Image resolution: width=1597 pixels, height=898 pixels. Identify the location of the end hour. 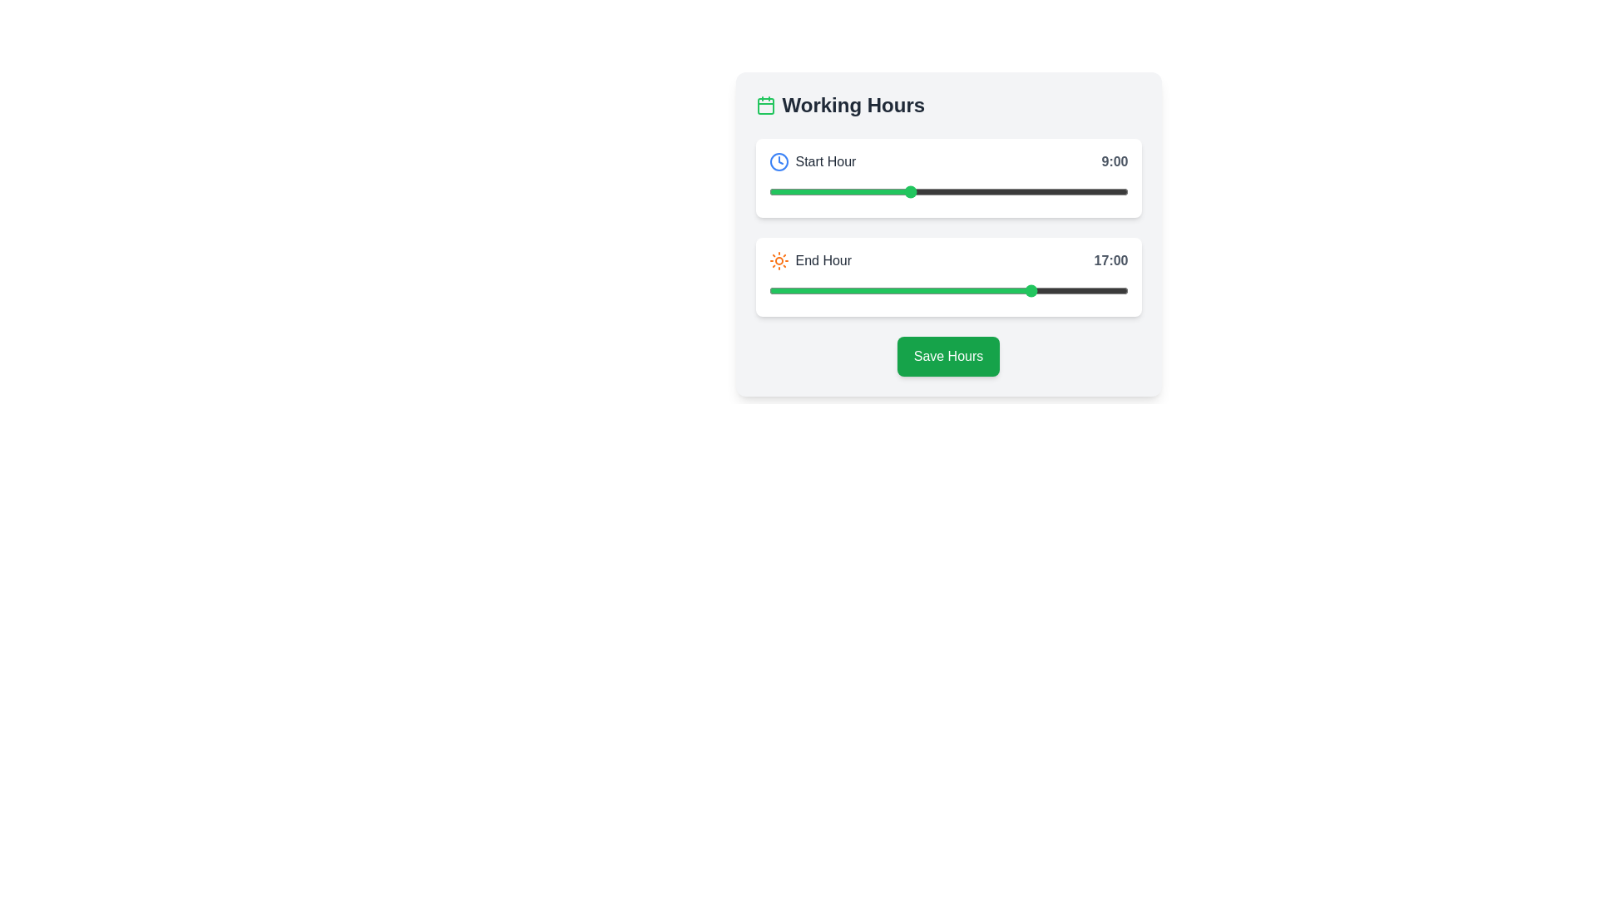
(847, 290).